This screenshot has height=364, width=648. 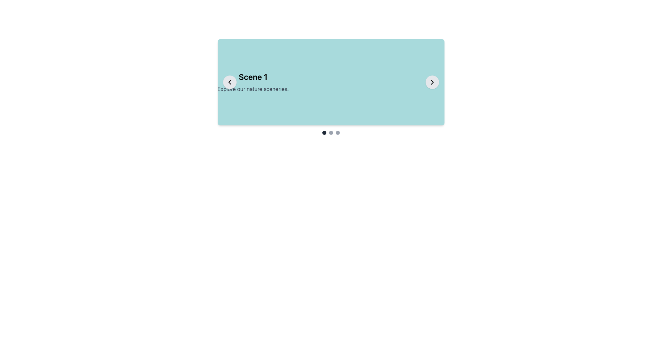 What do you see at coordinates (252, 88) in the screenshot?
I see `the descriptive text label located below the 'Scene 1' title in the teal-colored rectangular area` at bounding box center [252, 88].